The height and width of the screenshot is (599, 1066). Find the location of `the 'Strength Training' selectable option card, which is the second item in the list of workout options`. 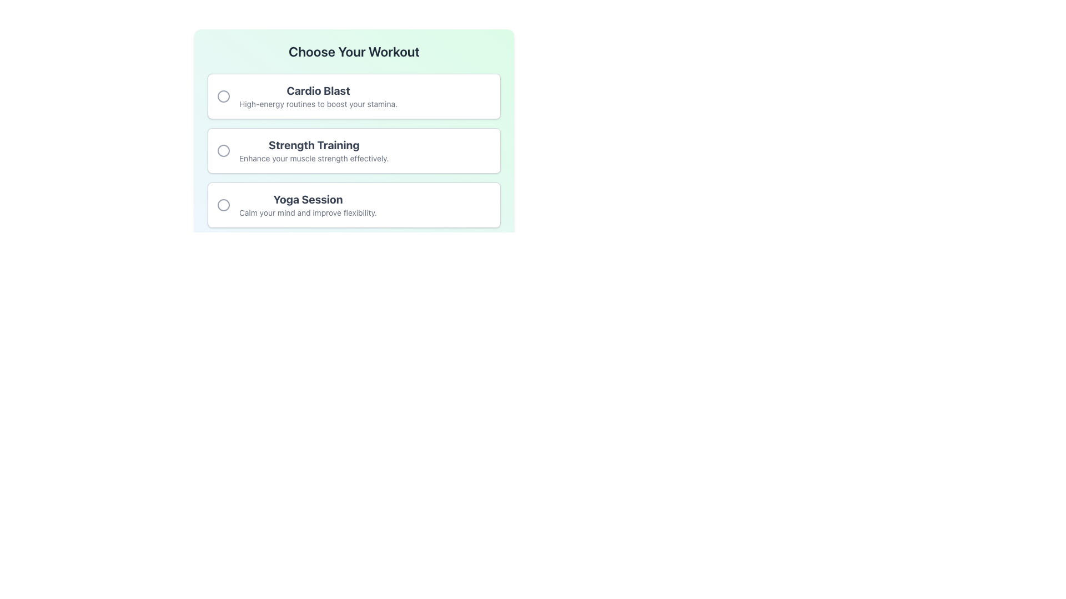

the 'Strength Training' selectable option card, which is the second item in the list of workout options is located at coordinates (354, 151).